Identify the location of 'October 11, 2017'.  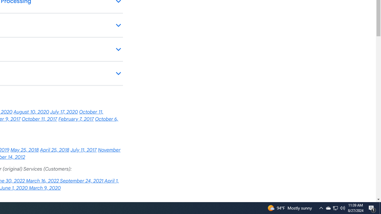
(39, 119).